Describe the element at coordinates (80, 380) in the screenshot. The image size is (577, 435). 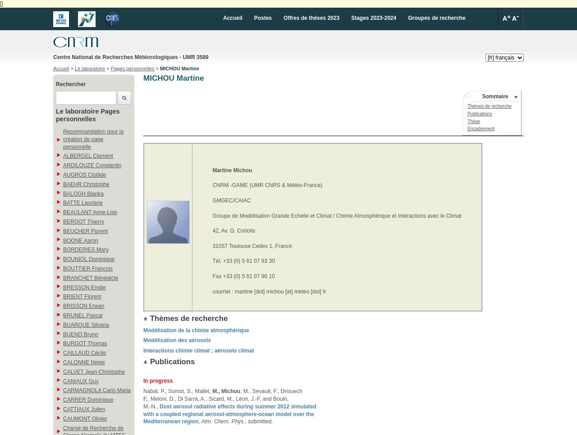
I see `'CANIAUX Guy'` at that location.